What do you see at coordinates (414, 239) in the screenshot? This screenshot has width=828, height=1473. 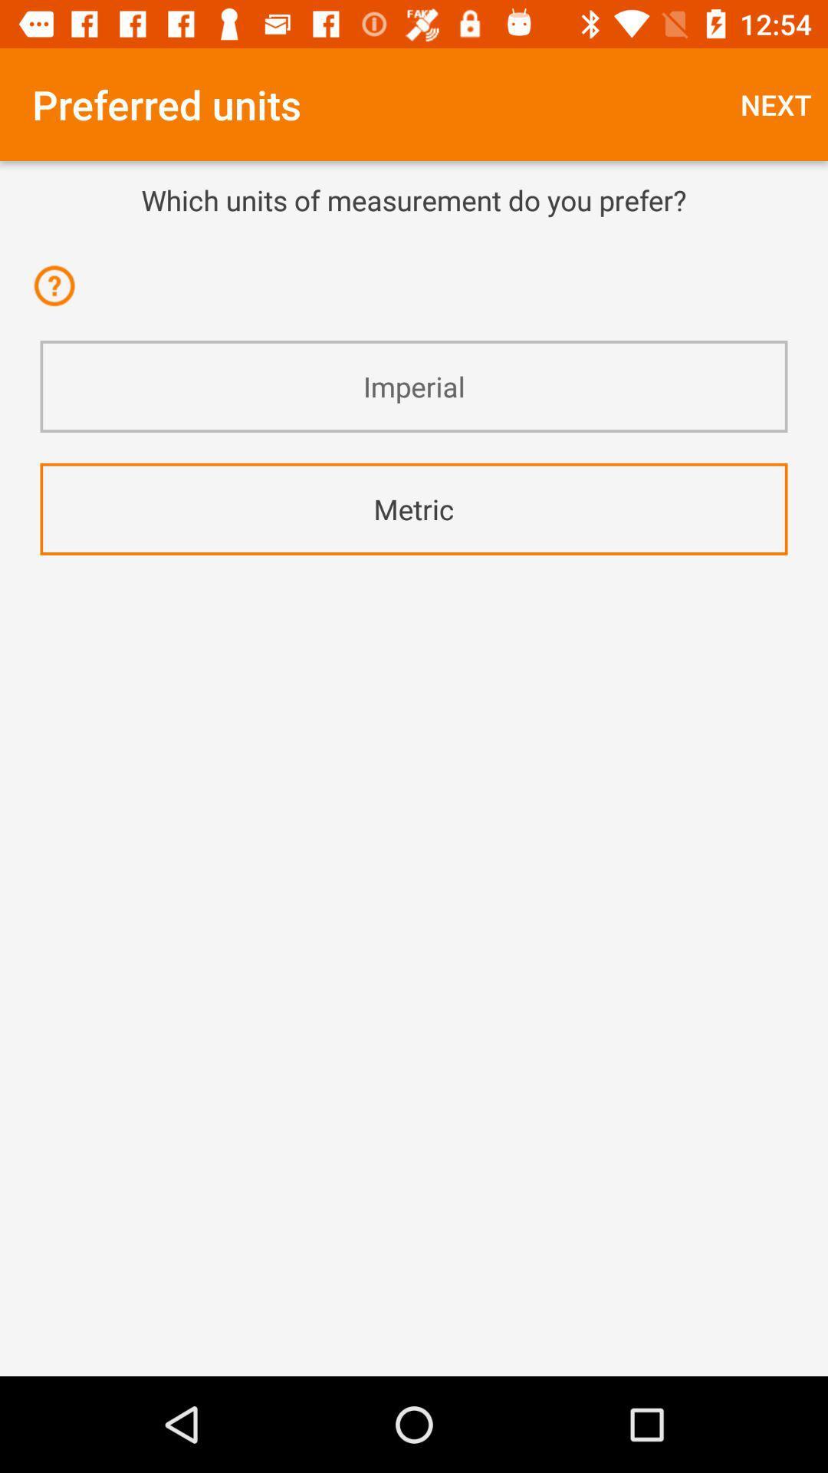 I see `item below which units of` at bounding box center [414, 239].